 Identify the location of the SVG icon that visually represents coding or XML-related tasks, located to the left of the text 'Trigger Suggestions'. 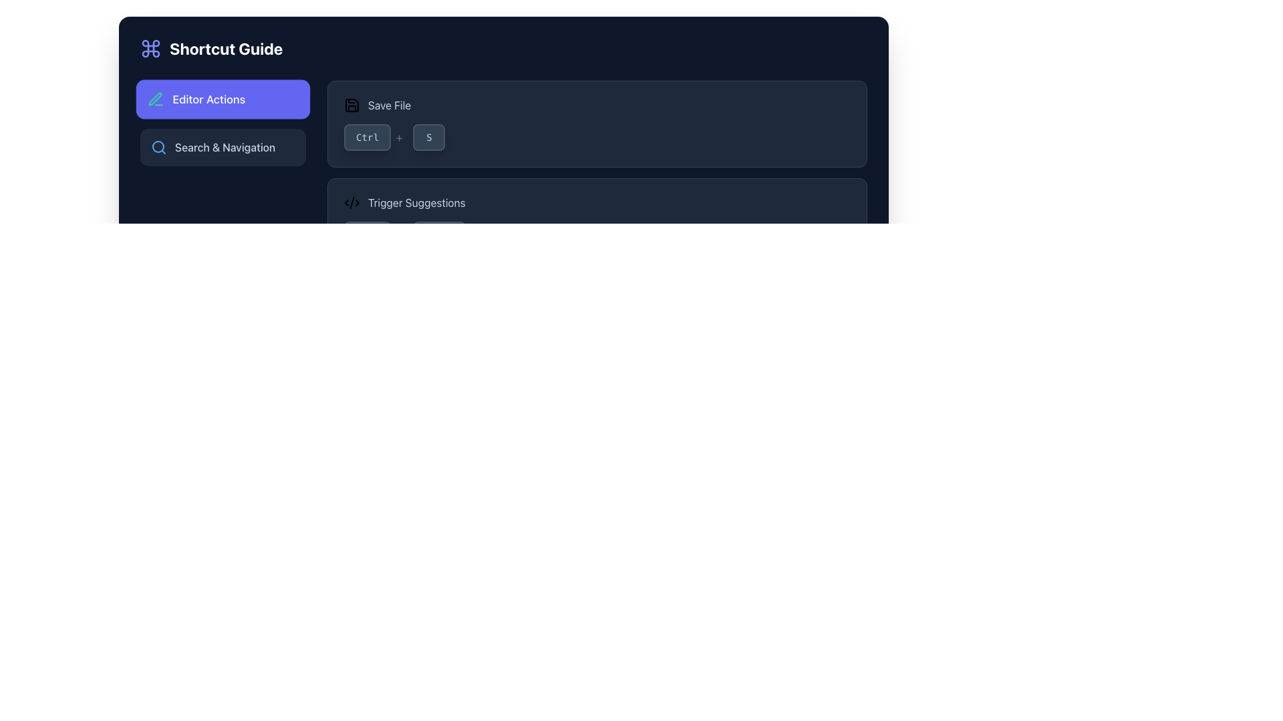
(352, 203).